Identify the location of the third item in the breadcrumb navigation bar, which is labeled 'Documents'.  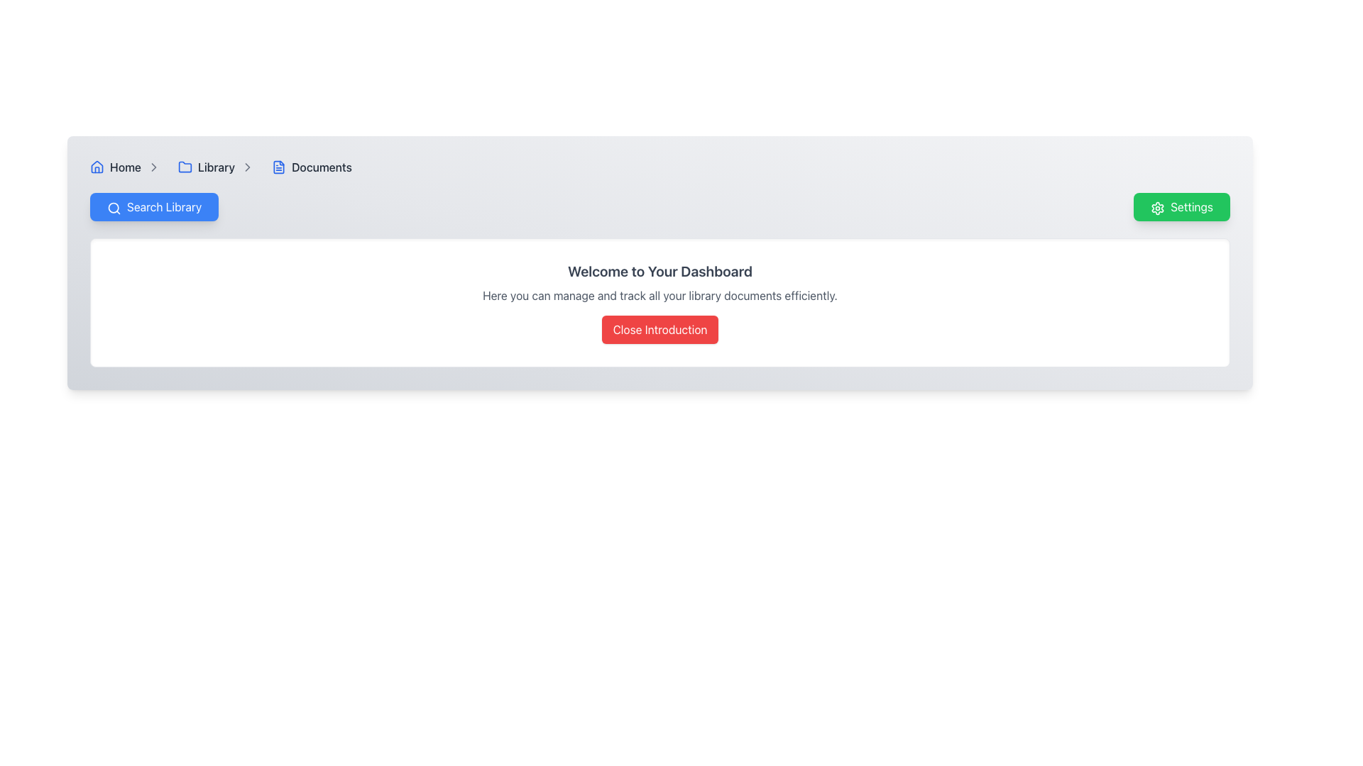
(311, 166).